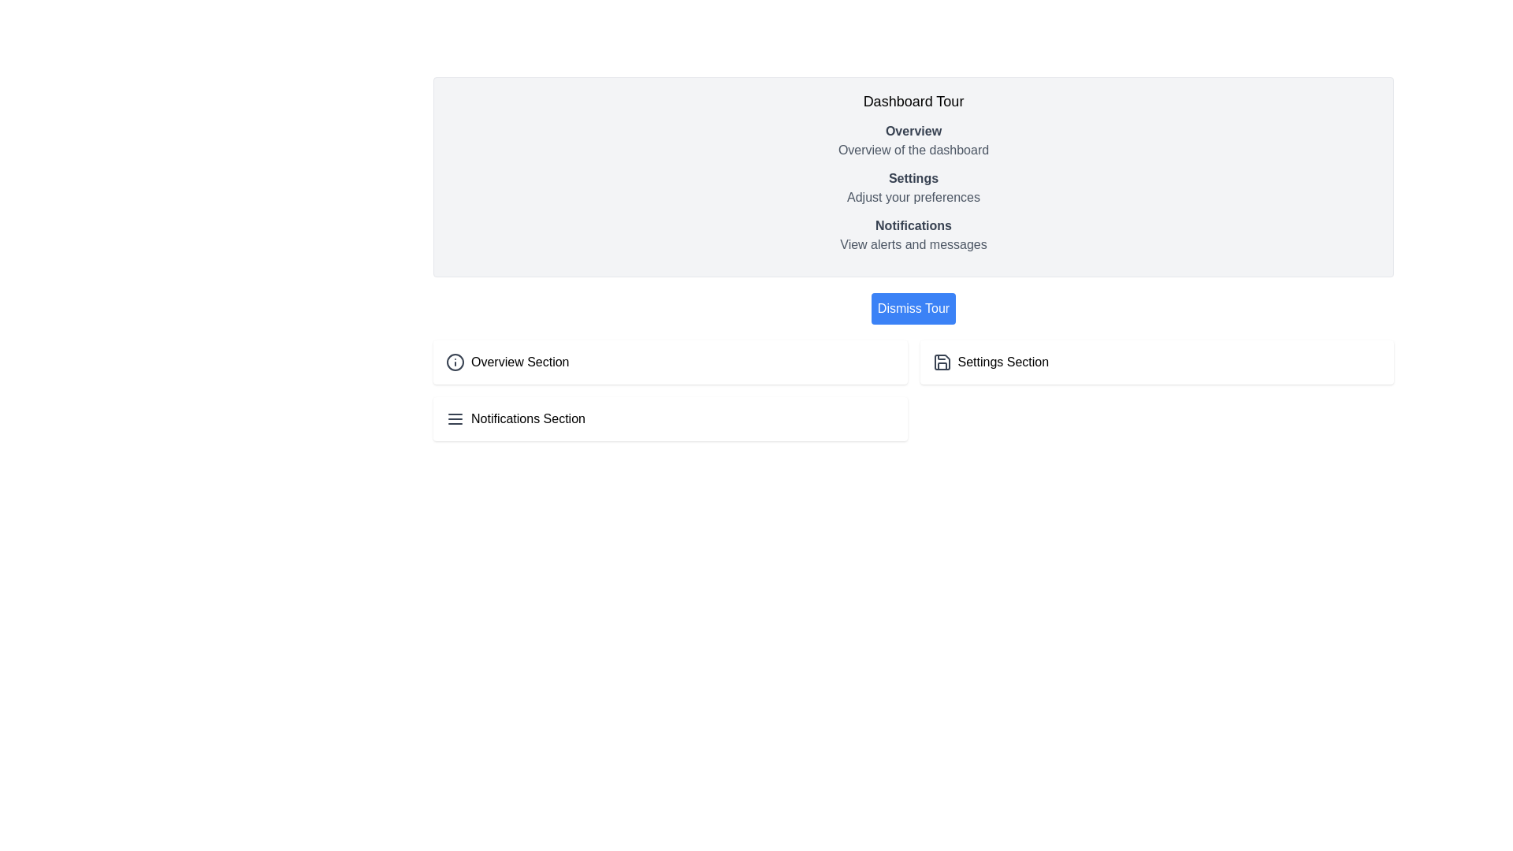 This screenshot has height=851, width=1513. What do you see at coordinates (913, 151) in the screenshot?
I see `the text label that reads 'Overview of the dashboard', which is styled in gray color (#gray-600) and located directly beneath the 'Overview' heading` at bounding box center [913, 151].